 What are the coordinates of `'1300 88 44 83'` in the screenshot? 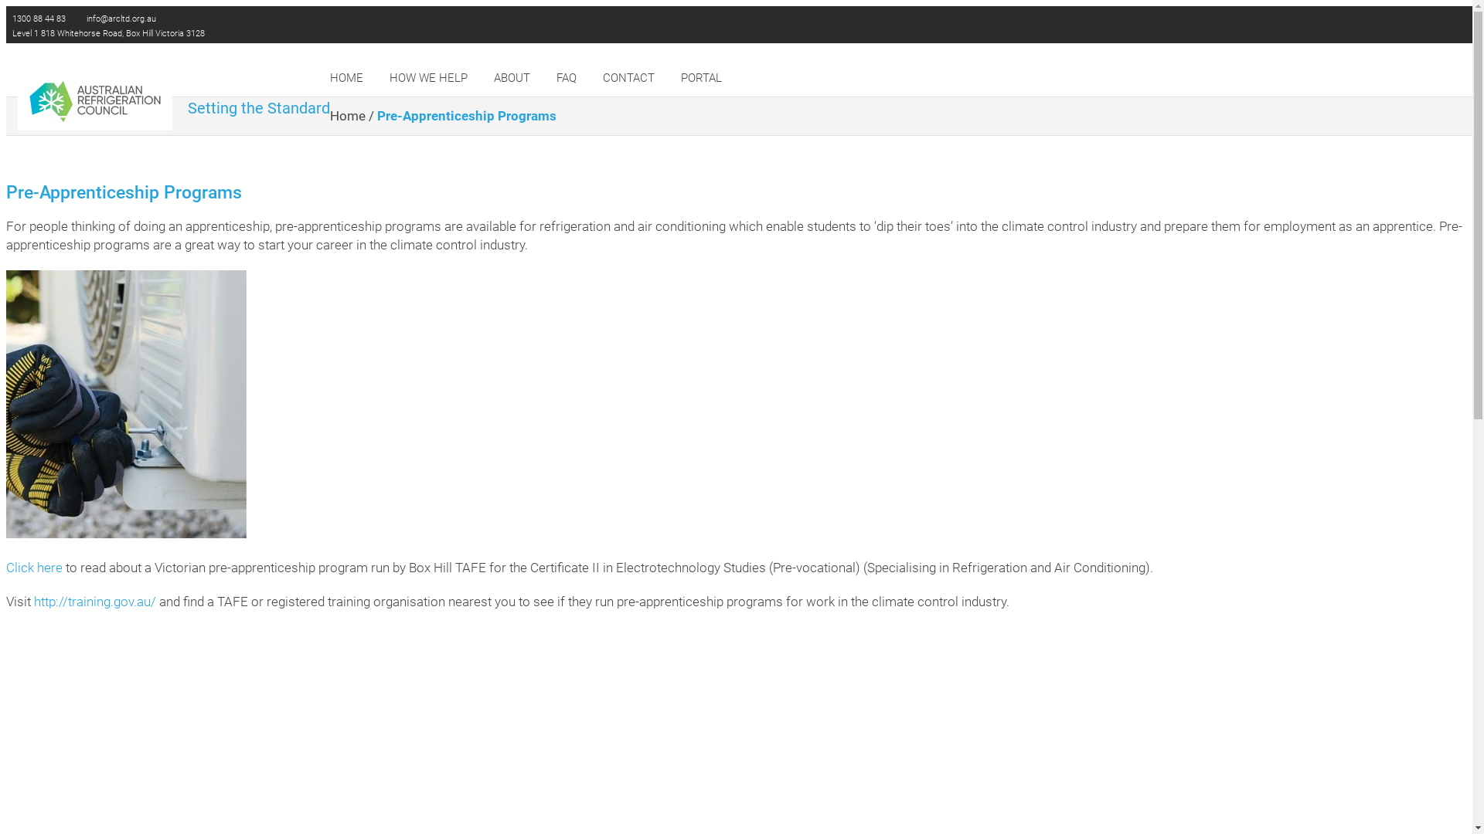 It's located at (37, 19).